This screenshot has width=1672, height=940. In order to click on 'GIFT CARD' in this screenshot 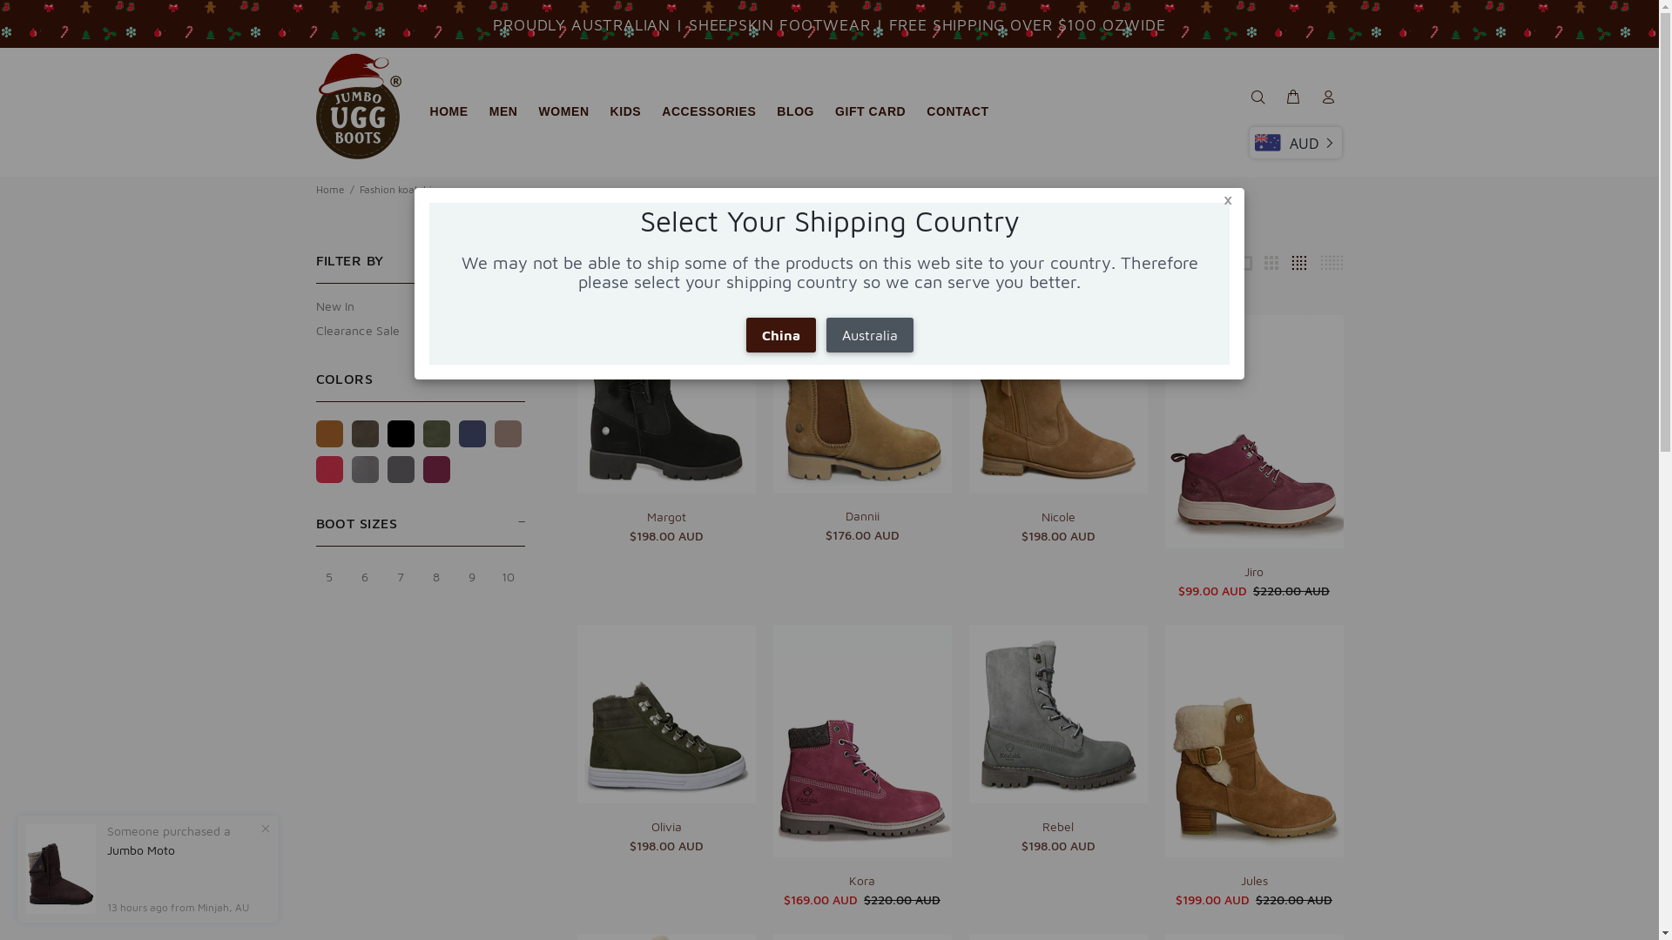, I will do `click(870, 111)`.